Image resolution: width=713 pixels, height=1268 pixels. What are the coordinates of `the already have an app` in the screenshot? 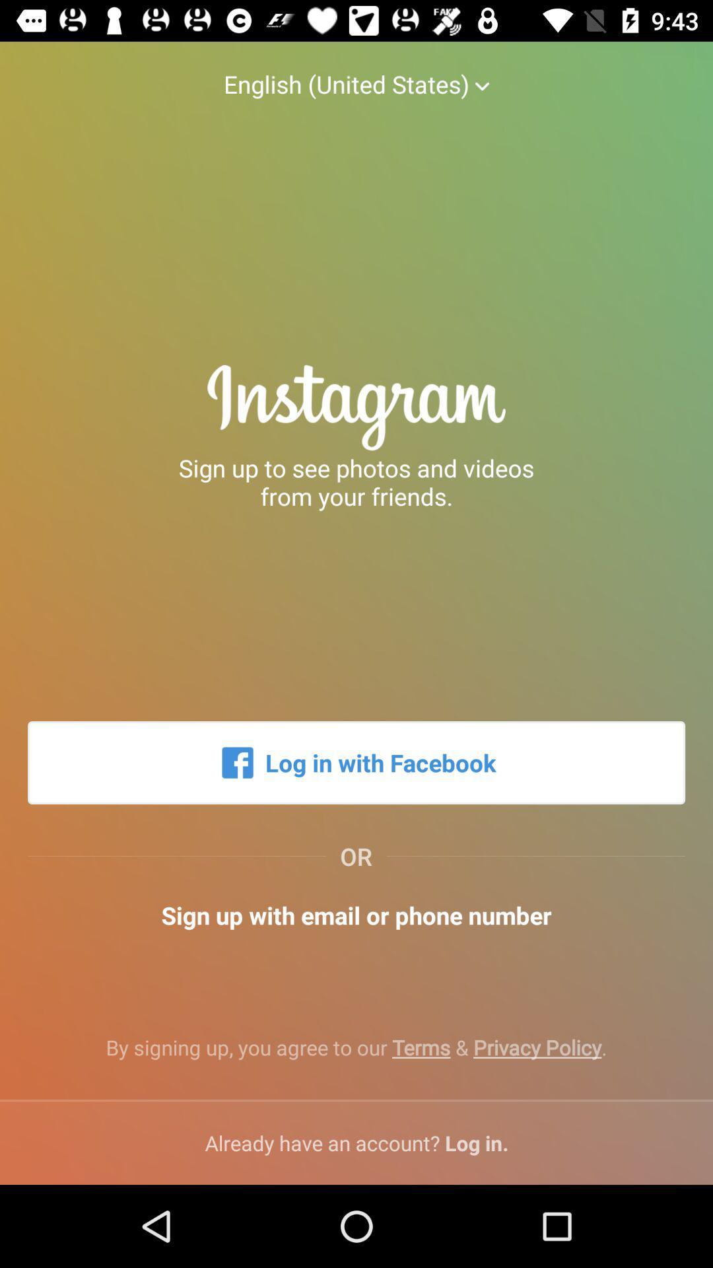 It's located at (356, 1143).